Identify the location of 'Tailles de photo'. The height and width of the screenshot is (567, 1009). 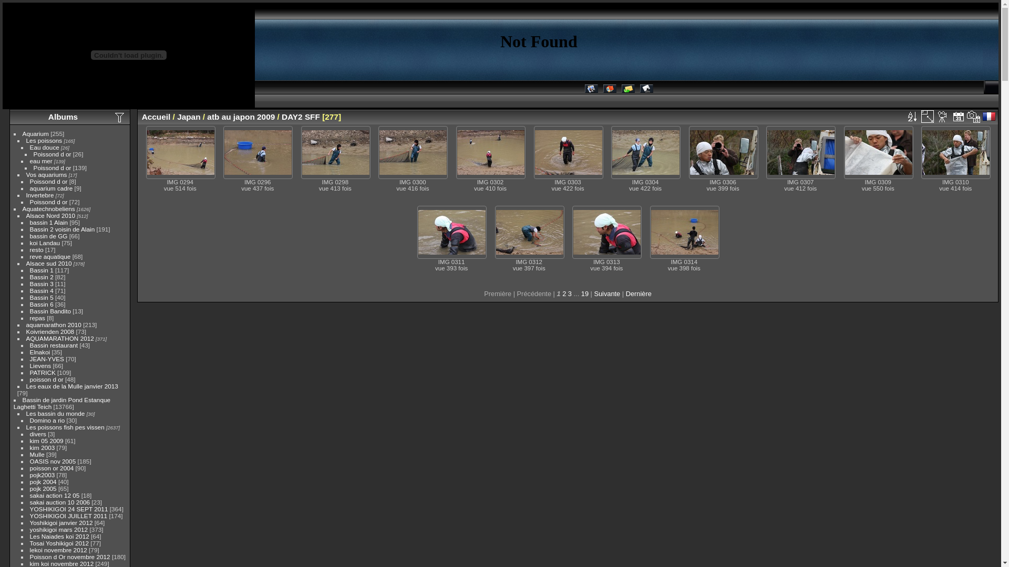
(928, 117).